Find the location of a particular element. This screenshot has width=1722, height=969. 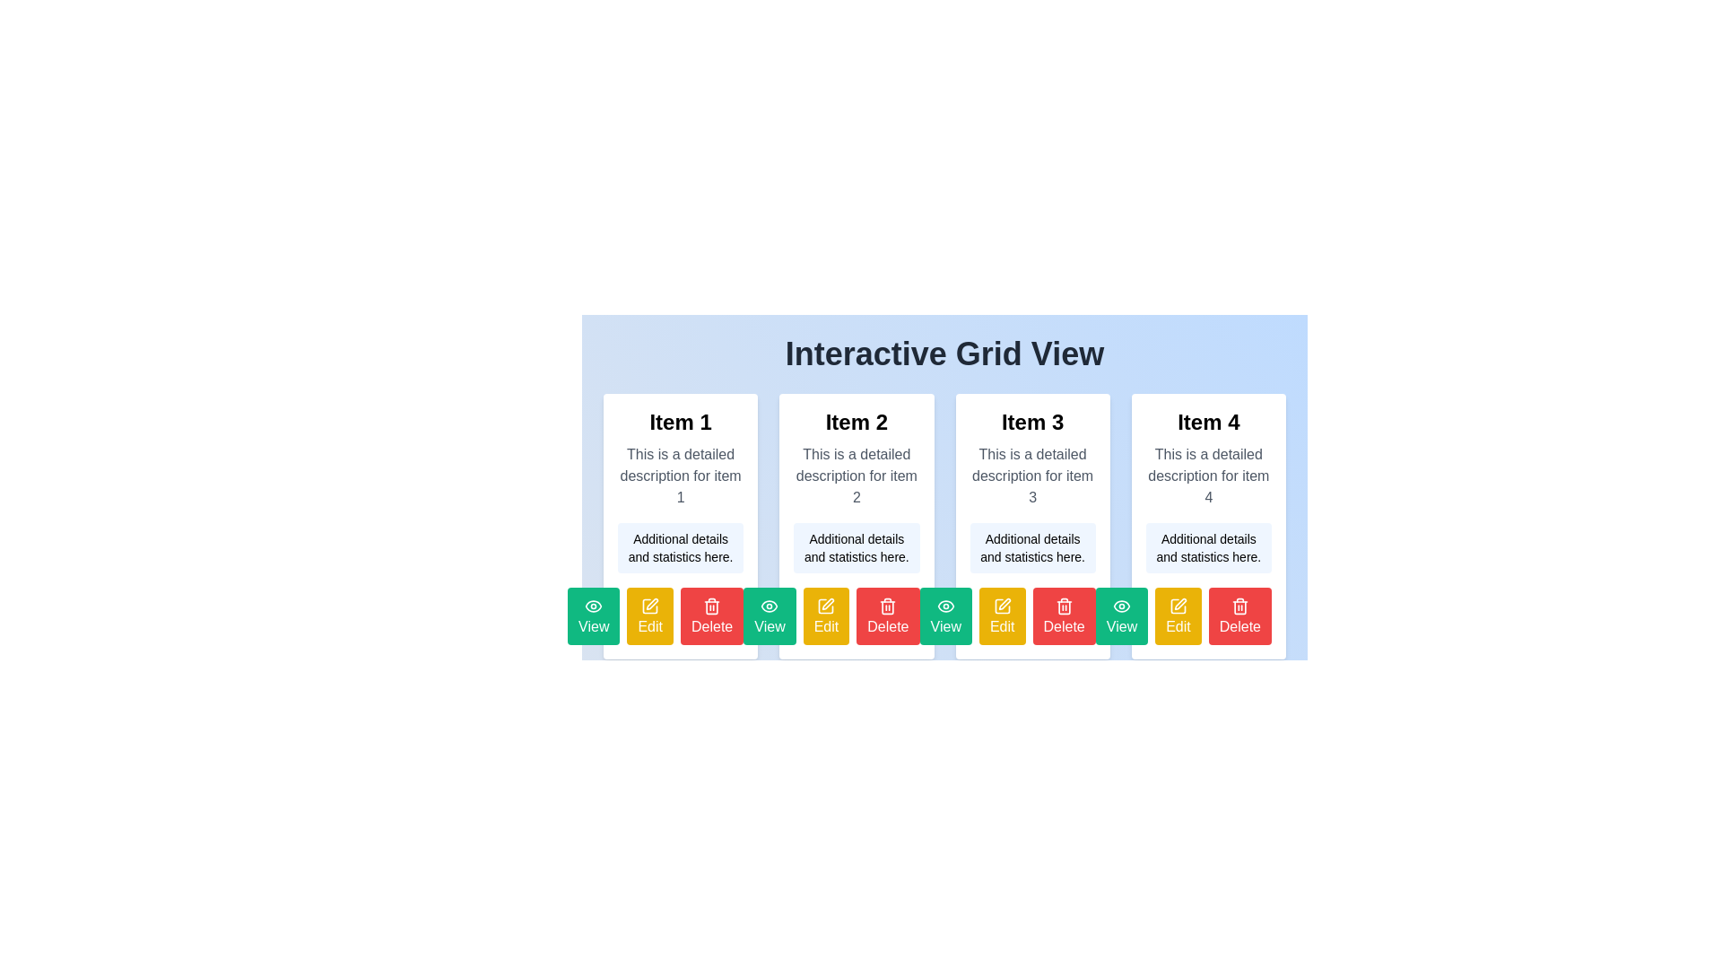

the eye icon within the 'View' button is located at coordinates (770, 606).